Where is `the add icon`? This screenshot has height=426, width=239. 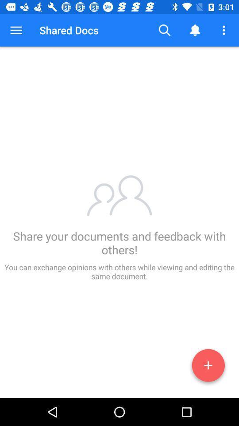
the add icon is located at coordinates (208, 367).